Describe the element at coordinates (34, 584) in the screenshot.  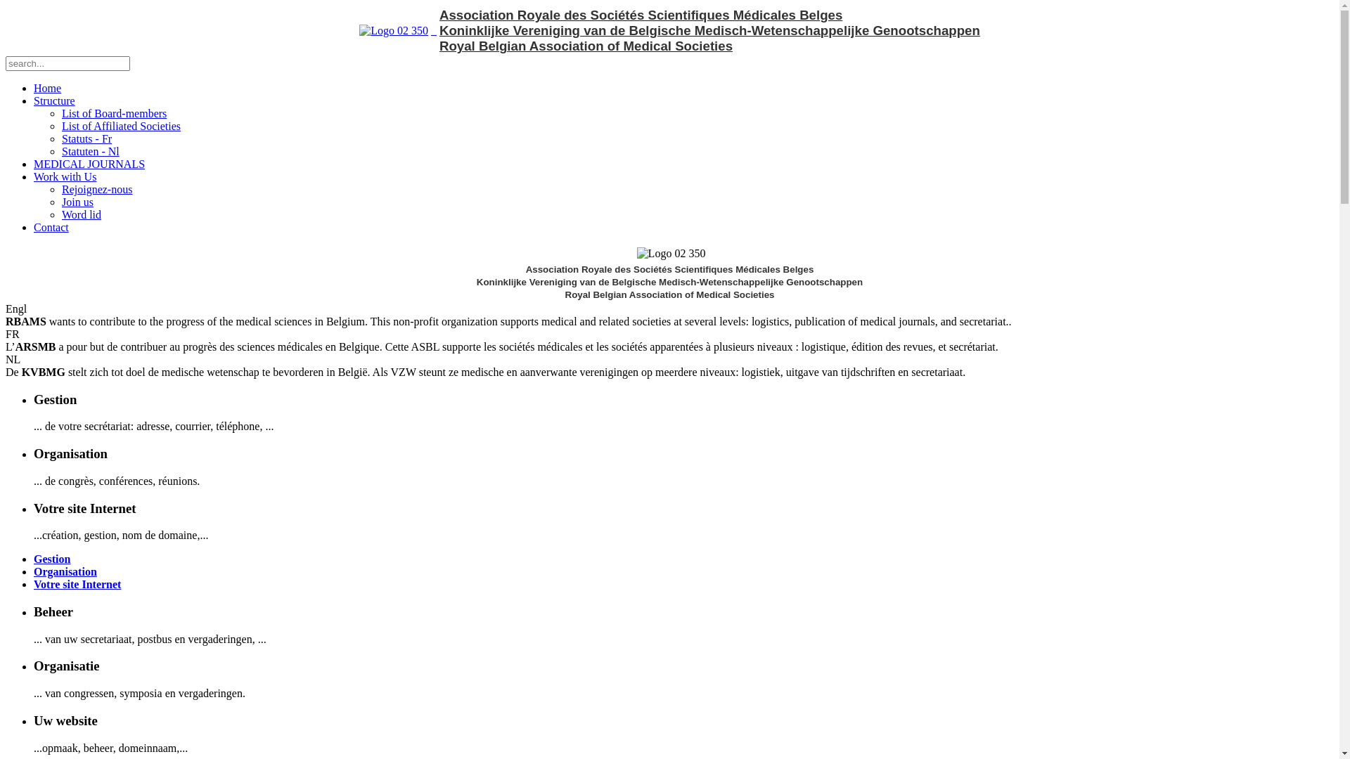
I see `'Votre site Internet'` at that location.